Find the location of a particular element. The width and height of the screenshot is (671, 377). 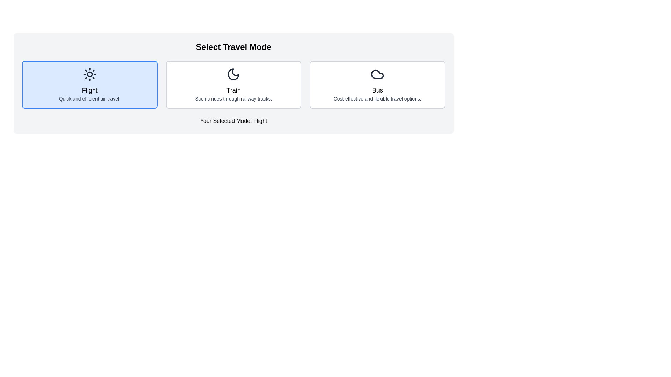

the crescent moon icon located at the top of the 'Train' card in the travel mode selection options is located at coordinates (233, 74).